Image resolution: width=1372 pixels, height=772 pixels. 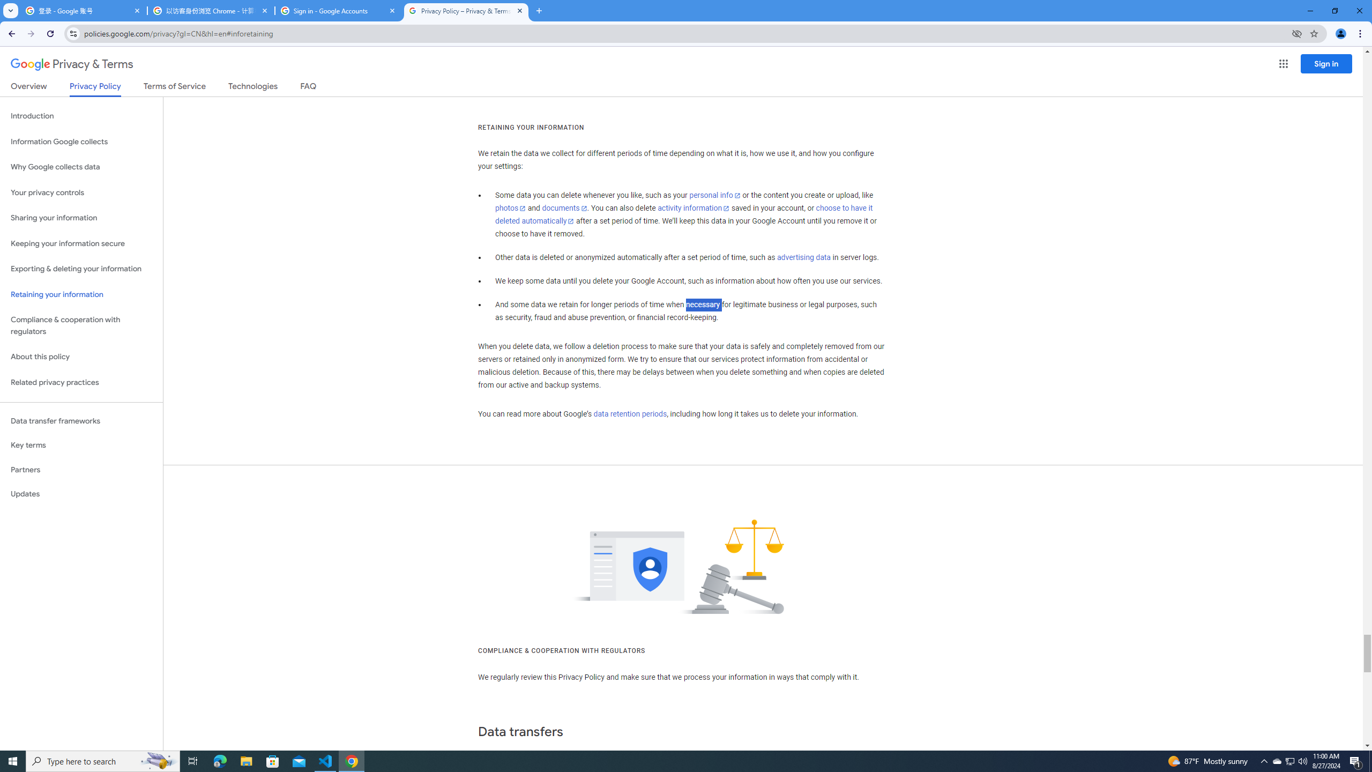 I want to click on 'activity information', so click(x=693, y=207).